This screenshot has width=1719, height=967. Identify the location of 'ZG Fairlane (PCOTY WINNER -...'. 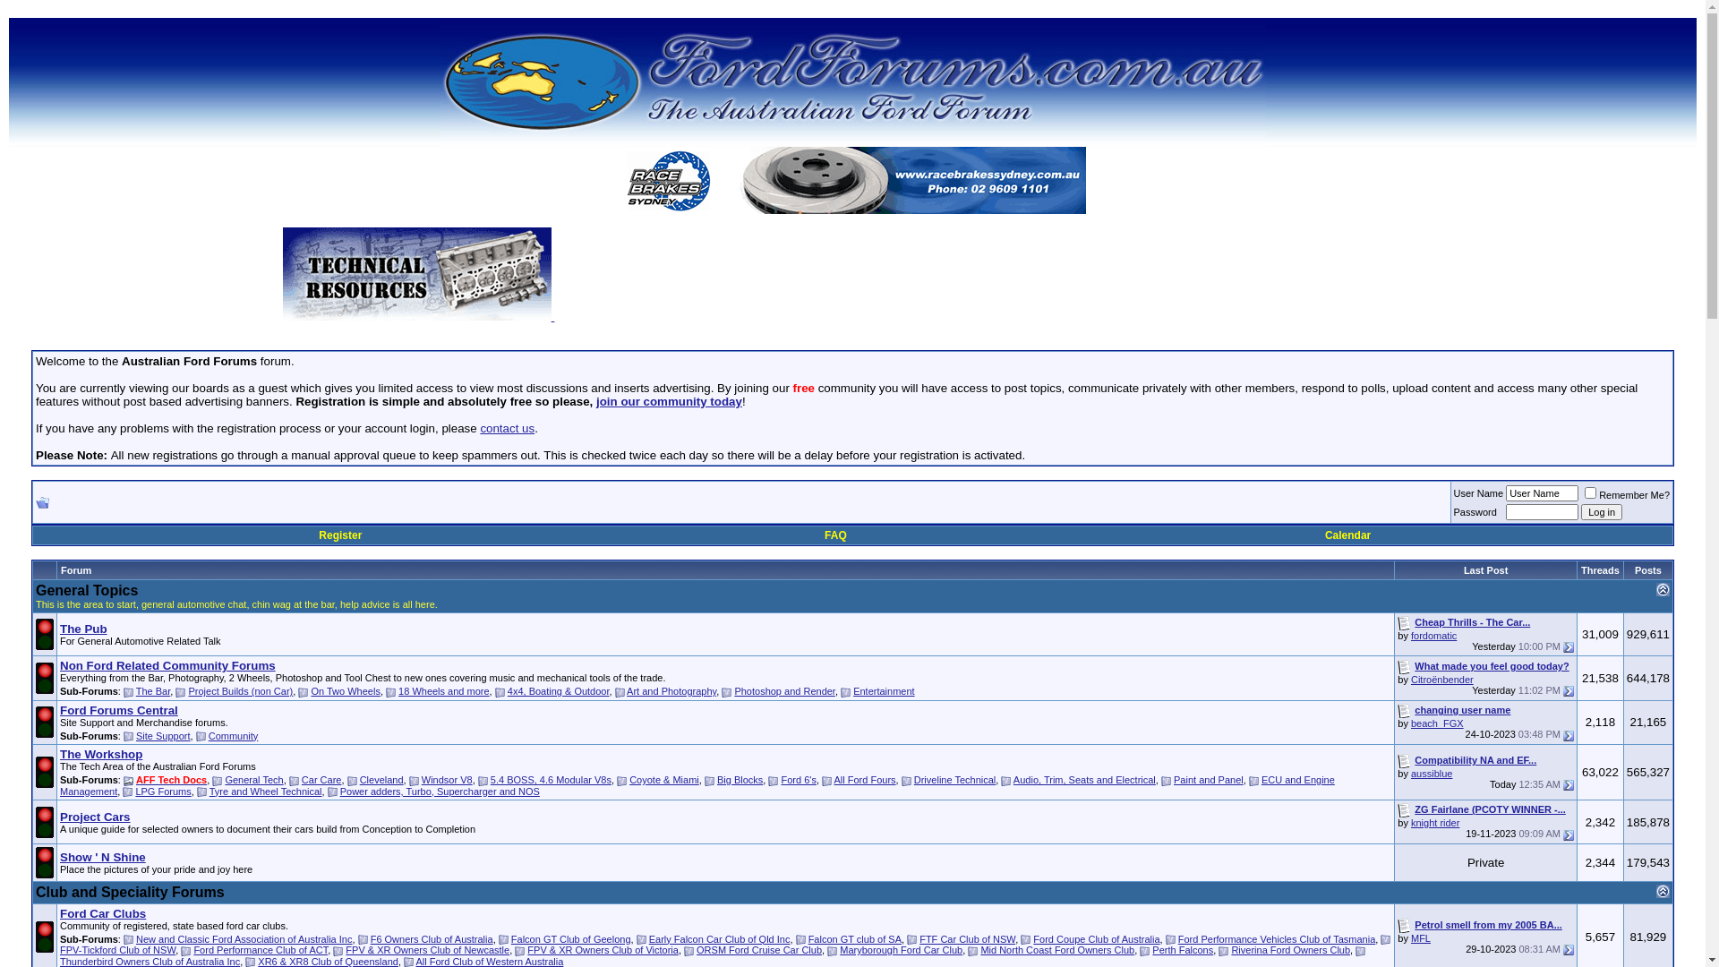
(1490, 809).